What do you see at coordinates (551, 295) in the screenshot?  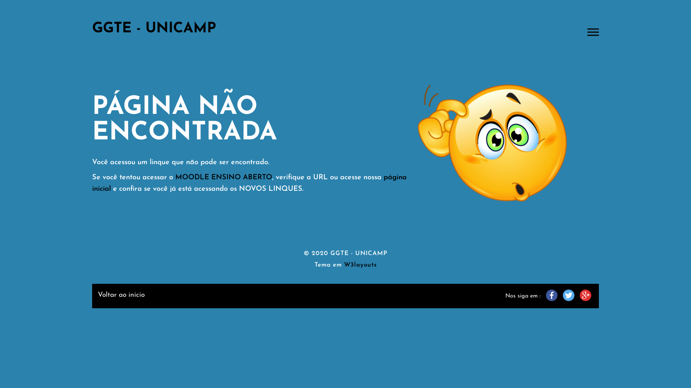 I see `'facebook'` at bounding box center [551, 295].